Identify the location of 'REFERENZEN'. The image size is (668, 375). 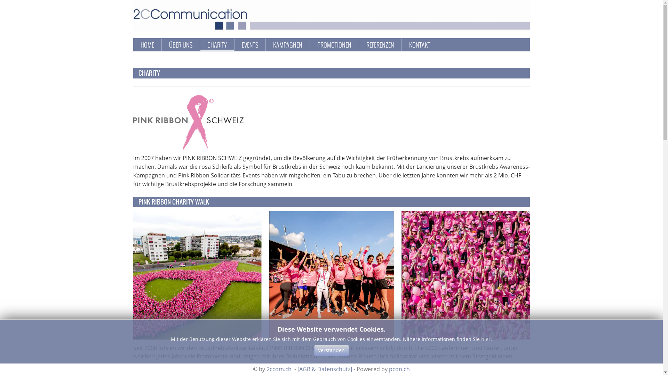
(379, 44).